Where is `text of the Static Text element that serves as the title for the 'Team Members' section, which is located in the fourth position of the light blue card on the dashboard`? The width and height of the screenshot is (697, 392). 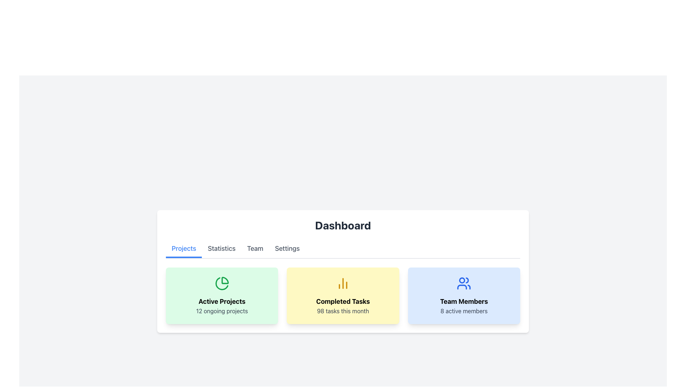
text of the Static Text element that serves as the title for the 'Team Members' section, which is located in the fourth position of the light blue card on the dashboard is located at coordinates (464, 301).